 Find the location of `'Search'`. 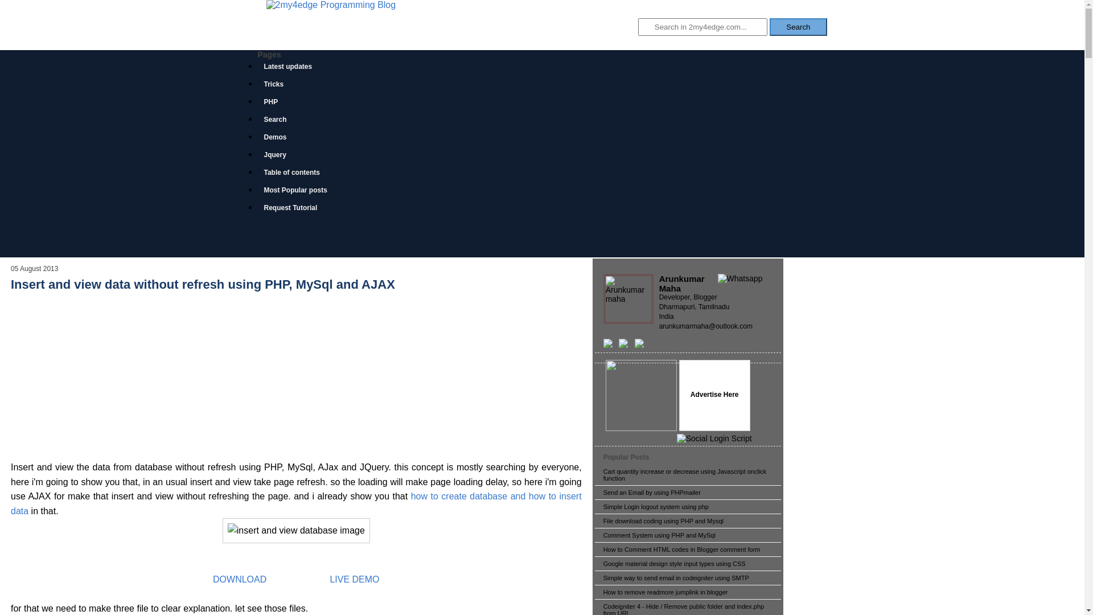

'Search' is located at coordinates (280, 121).